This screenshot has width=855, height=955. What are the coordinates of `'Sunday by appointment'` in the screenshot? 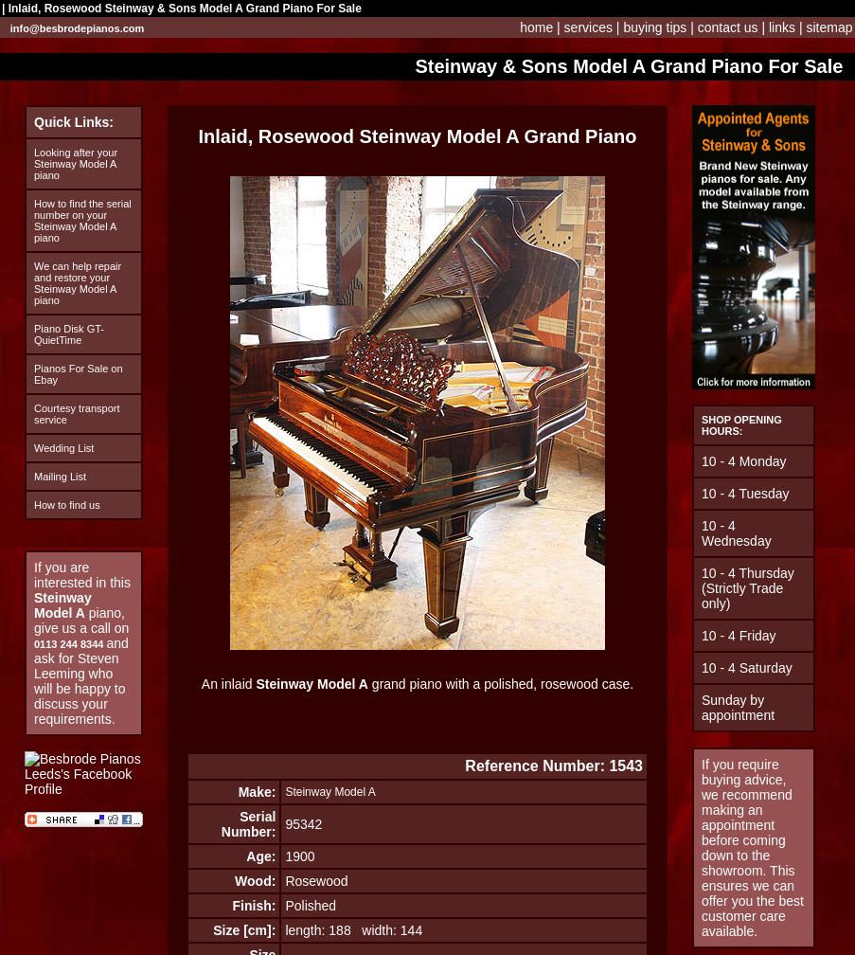 It's located at (737, 708).